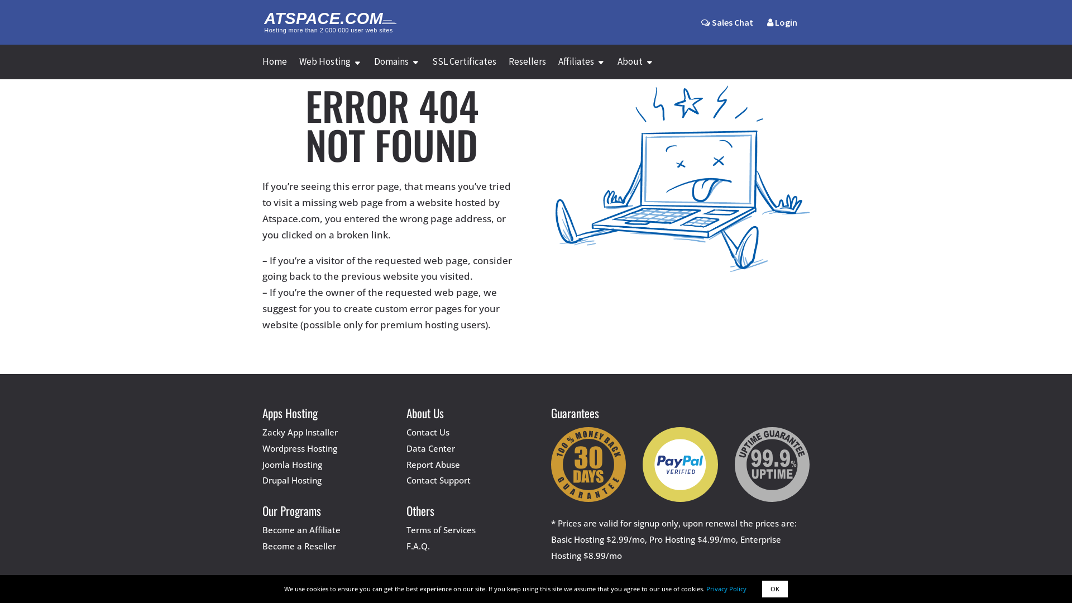 This screenshot has width=1072, height=603. Describe the element at coordinates (262, 480) in the screenshot. I see `'Drupal Hosting'` at that location.